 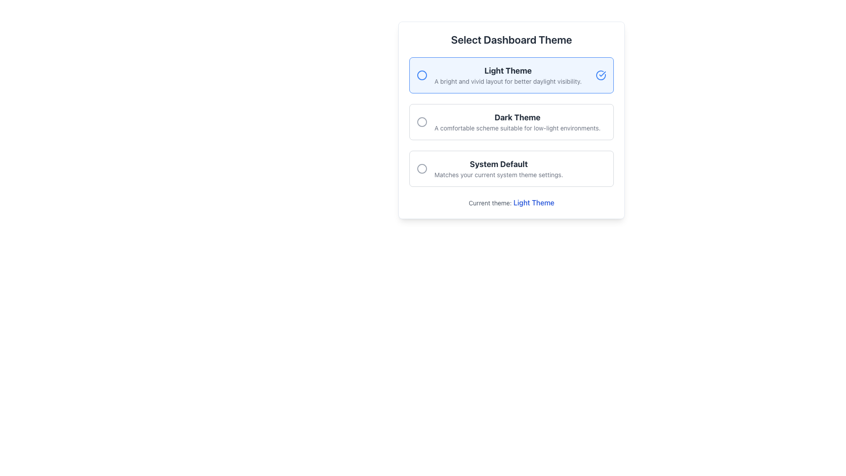 What do you see at coordinates (499, 168) in the screenshot?
I see `description of the 'System Default' text content, which is the third selectable option in the list of themes, located between 'Dark Theme' and the indication text for the current theme` at bounding box center [499, 168].